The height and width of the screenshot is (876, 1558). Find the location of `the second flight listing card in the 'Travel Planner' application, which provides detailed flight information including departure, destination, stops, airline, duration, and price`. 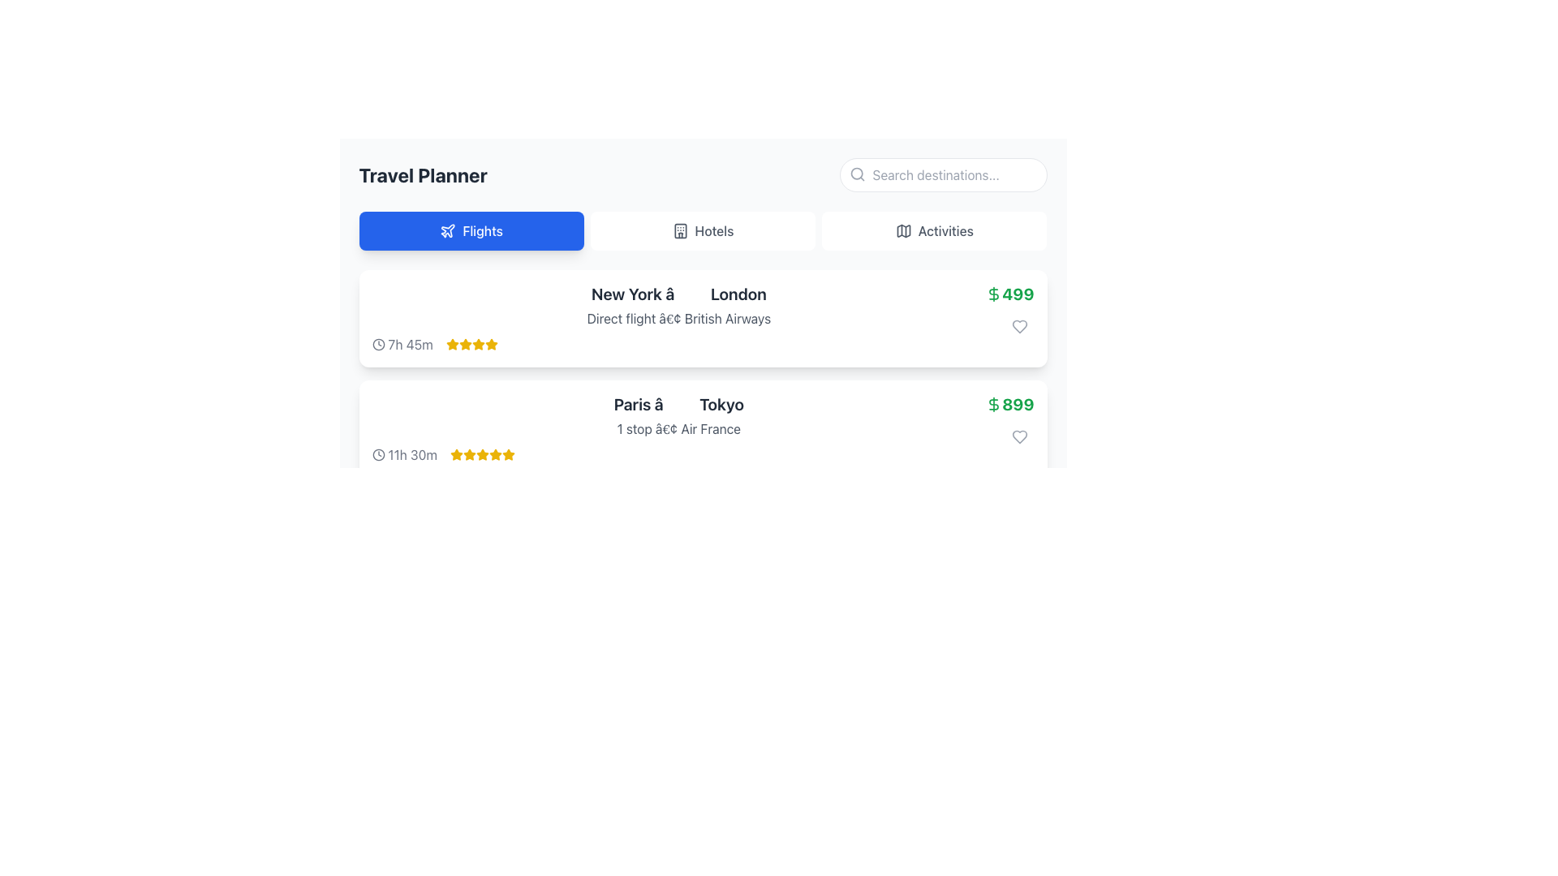

the second flight listing card in the 'Travel Planner' application, which provides detailed flight information including departure, destination, stops, airline, duration, and price is located at coordinates (703, 427).